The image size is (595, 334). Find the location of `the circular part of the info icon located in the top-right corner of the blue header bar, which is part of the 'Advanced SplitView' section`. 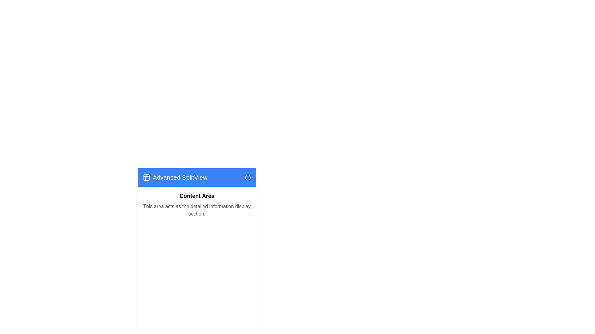

the circular part of the info icon located in the top-right corner of the blue header bar, which is part of the 'Advanced SplitView' section is located at coordinates (248, 178).